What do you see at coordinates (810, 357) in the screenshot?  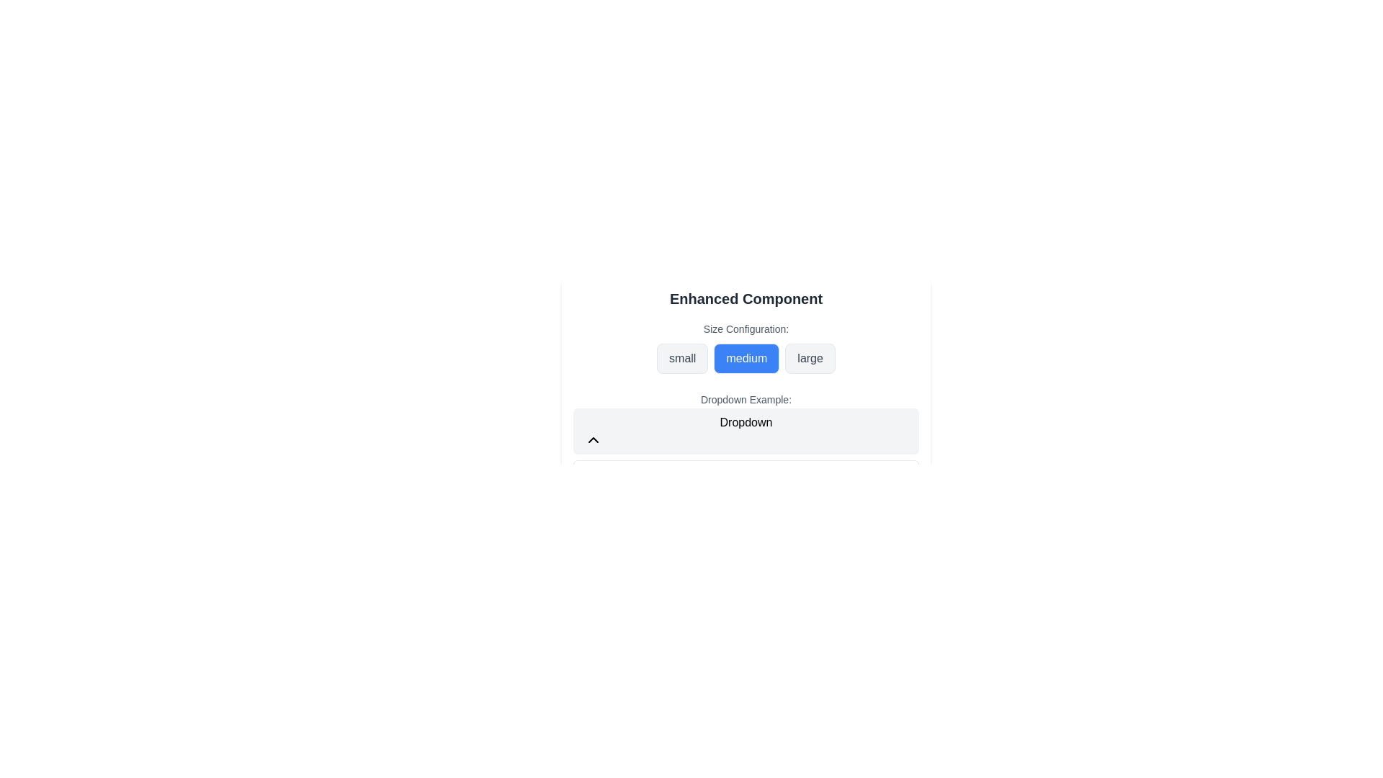 I see `the 'large' button, which is a rectangular button with rounded corners and the text 'large' centered in it` at bounding box center [810, 357].